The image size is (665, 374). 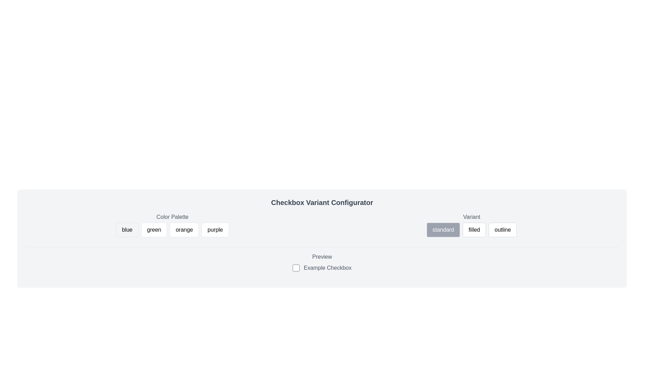 I want to click on the 'filled' button, which is the second button in the 'Variant' section, so click(x=474, y=230).